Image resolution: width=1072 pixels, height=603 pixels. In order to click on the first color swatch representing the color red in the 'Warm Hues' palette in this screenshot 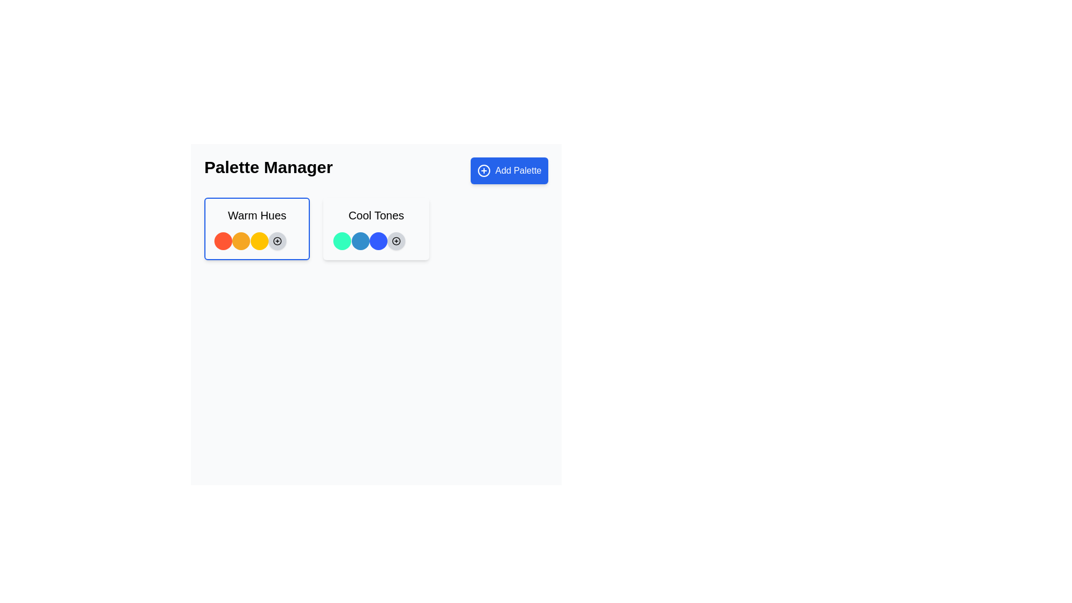, I will do `click(223, 241)`.